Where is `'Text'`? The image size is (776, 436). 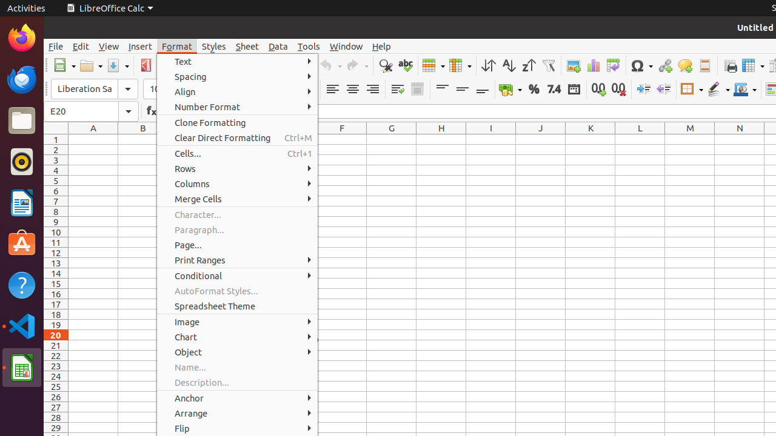
'Text' is located at coordinates (237, 61).